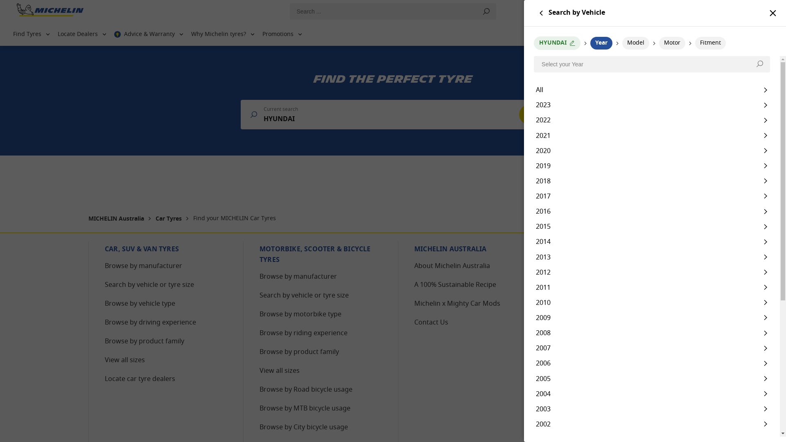 This screenshot has height=442, width=786. I want to click on 'Model', so click(635, 43).